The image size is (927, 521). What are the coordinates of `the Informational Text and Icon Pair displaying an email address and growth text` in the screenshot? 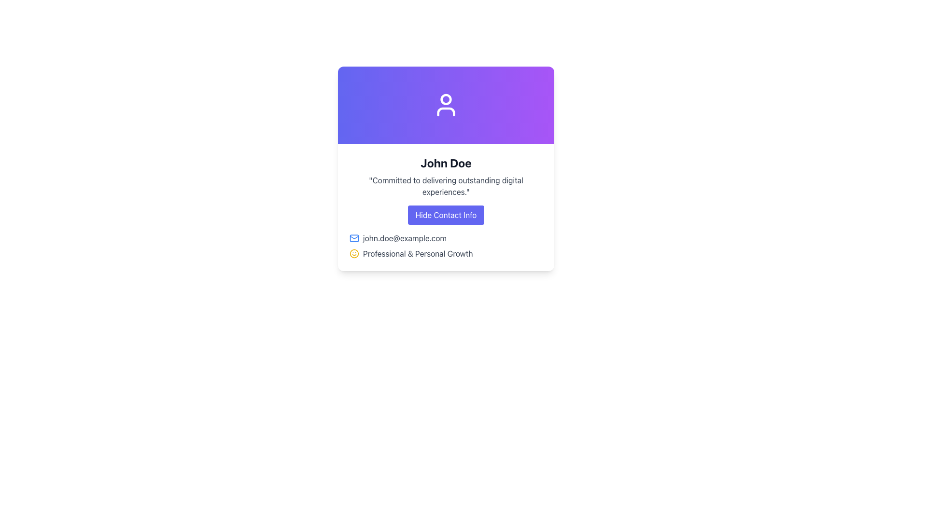 It's located at (446, 245).